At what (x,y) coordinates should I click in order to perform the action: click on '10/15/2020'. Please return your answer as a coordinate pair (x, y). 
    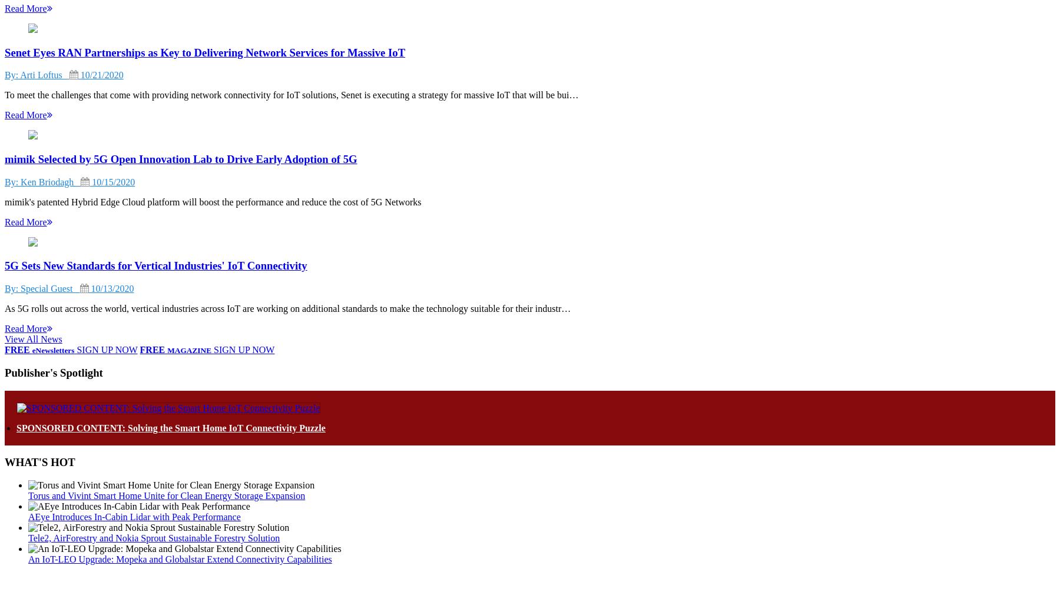
    Looking at the image, I should click on (112, 181).